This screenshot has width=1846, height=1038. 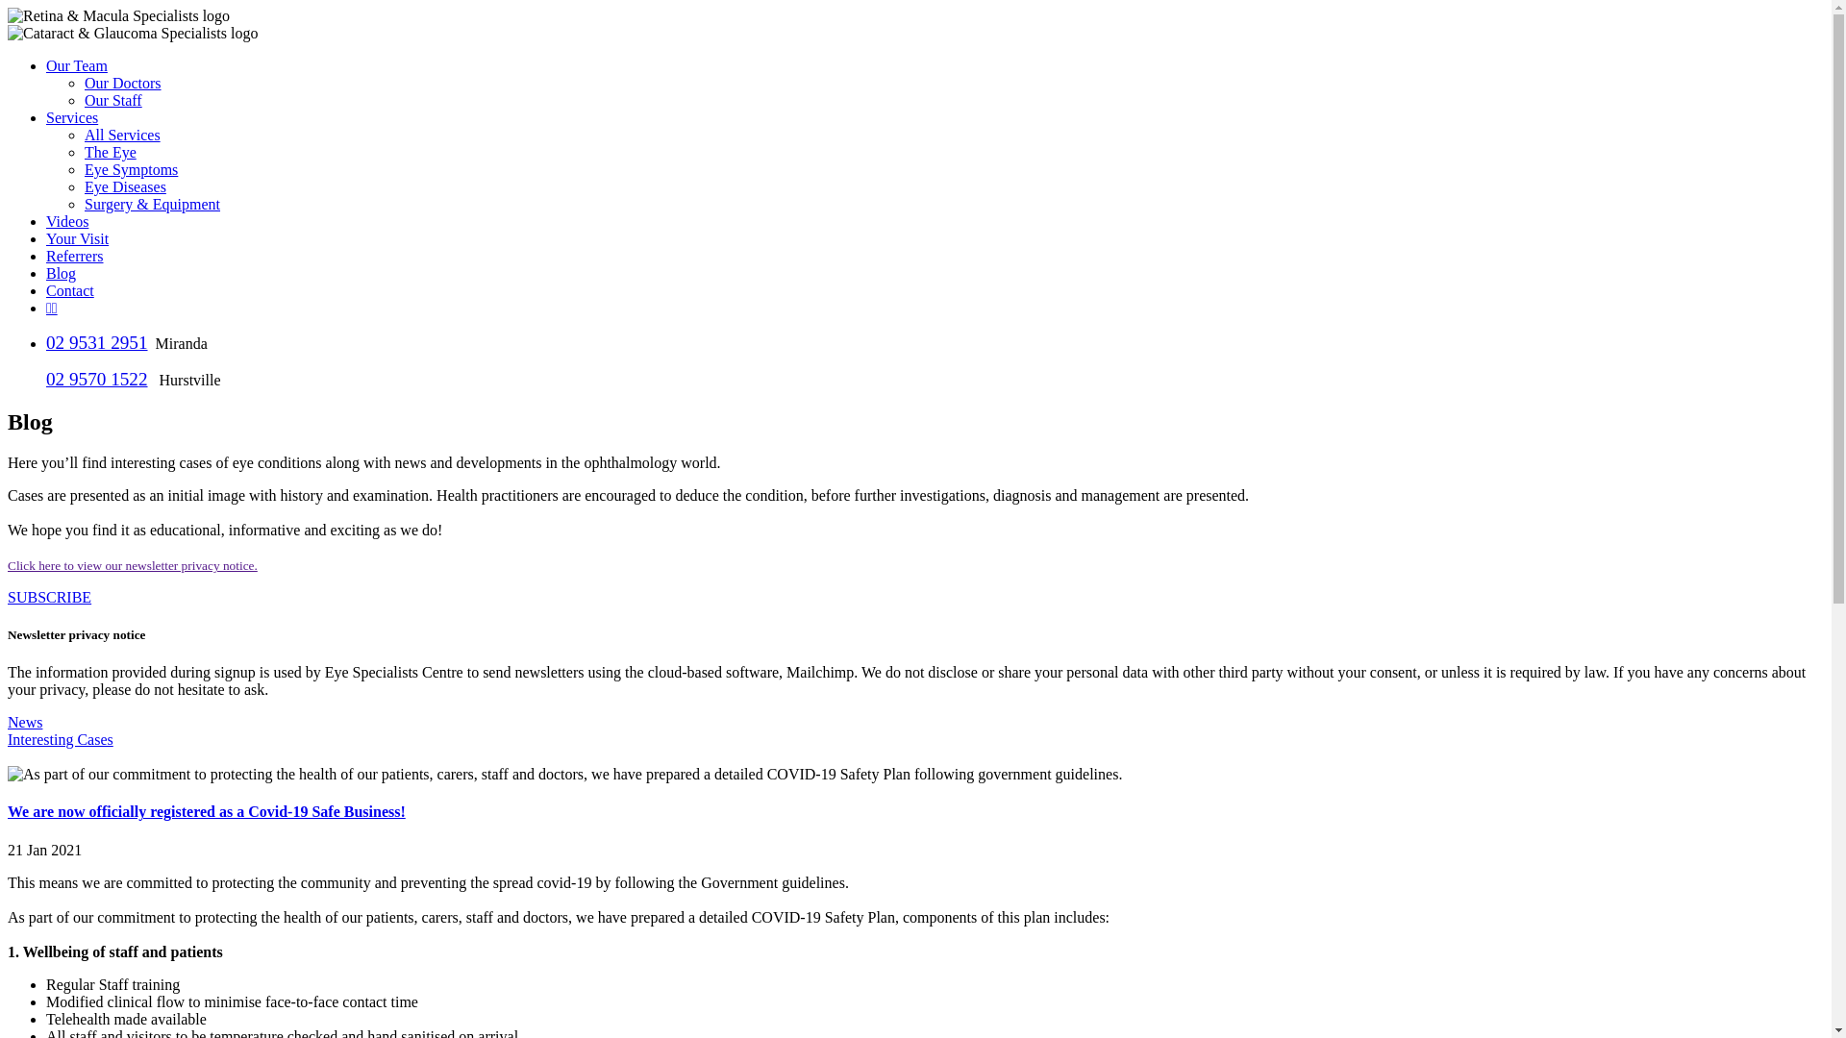 I want to click on 'Our Doctors', so click(x=122, y=82).